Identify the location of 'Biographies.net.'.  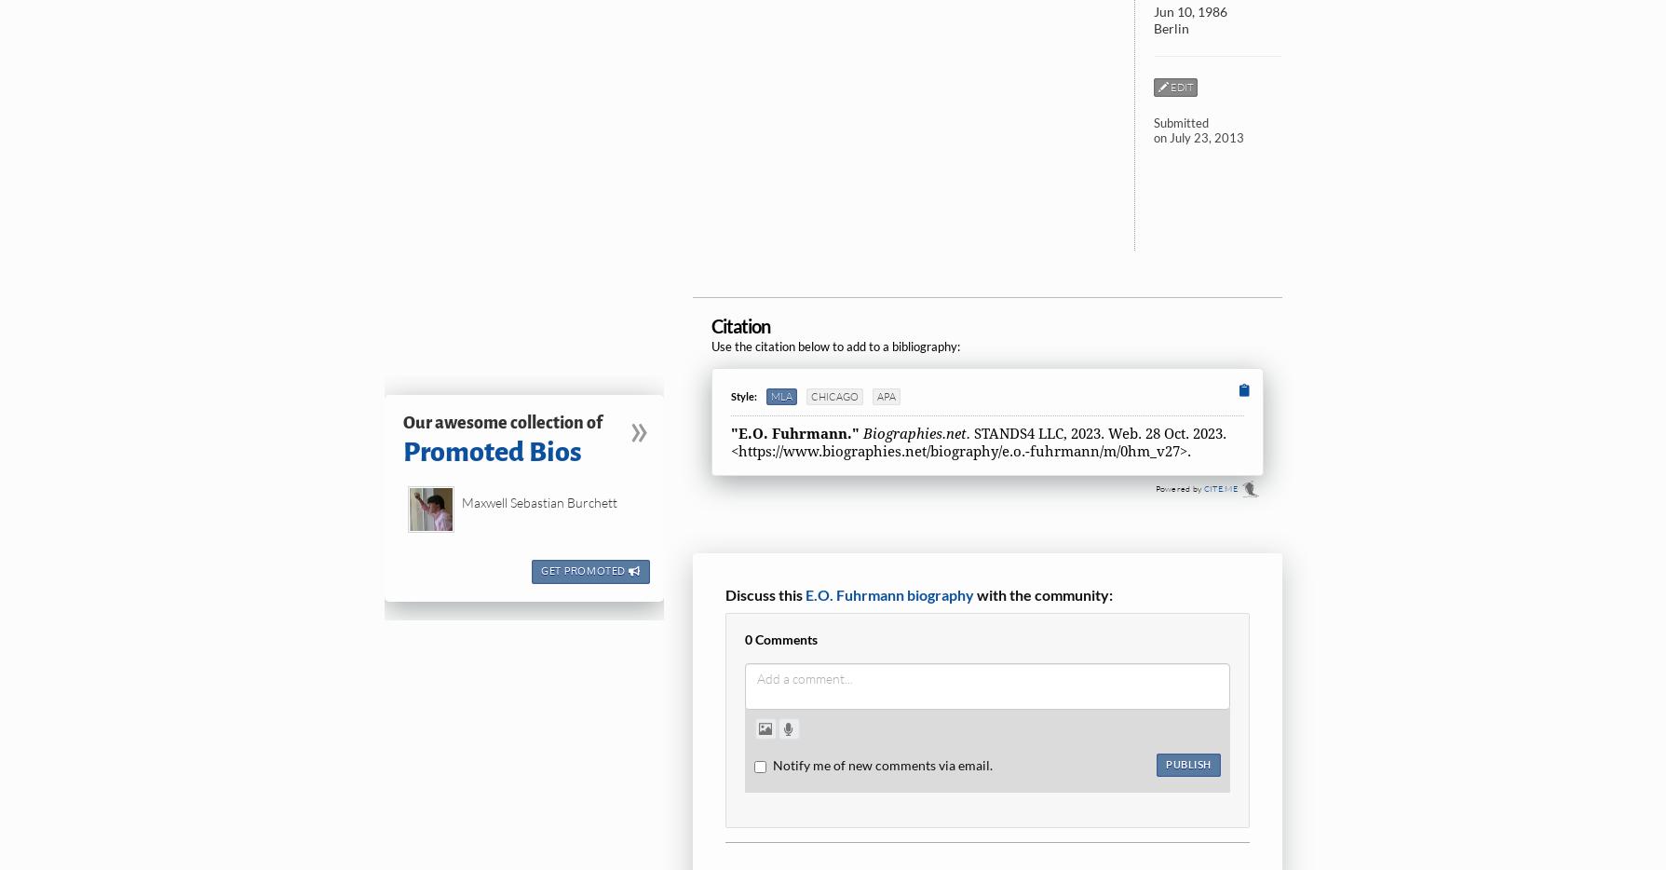
(914, 433).